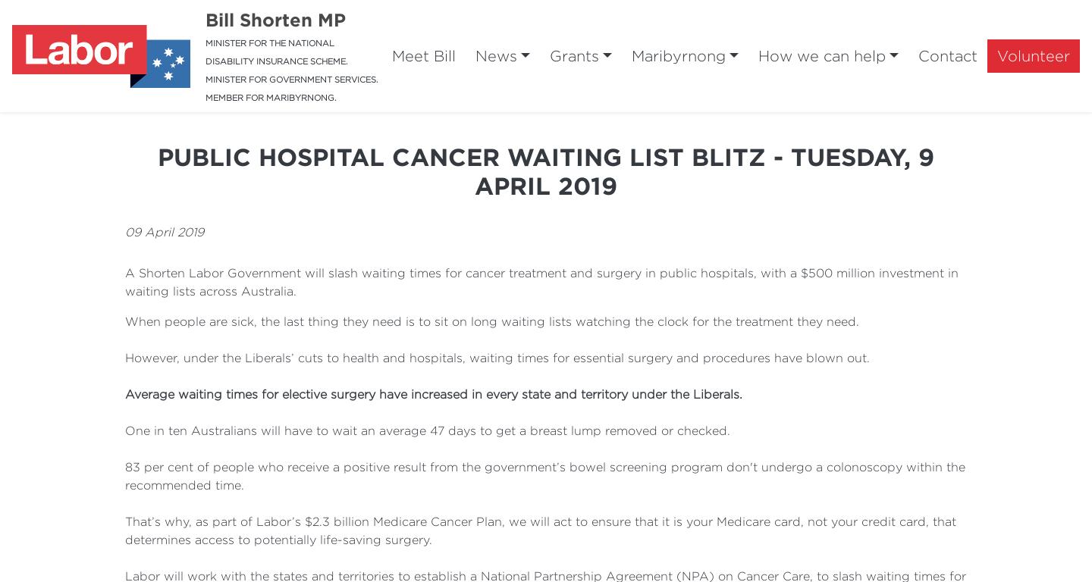 The image size is (1092, 582). Describe the element at coordinates (428, 430) in the screenshot. I see `'One in ten Australians will have to wait an average 47 days to get a breast lump removed or checked.'` at that location.